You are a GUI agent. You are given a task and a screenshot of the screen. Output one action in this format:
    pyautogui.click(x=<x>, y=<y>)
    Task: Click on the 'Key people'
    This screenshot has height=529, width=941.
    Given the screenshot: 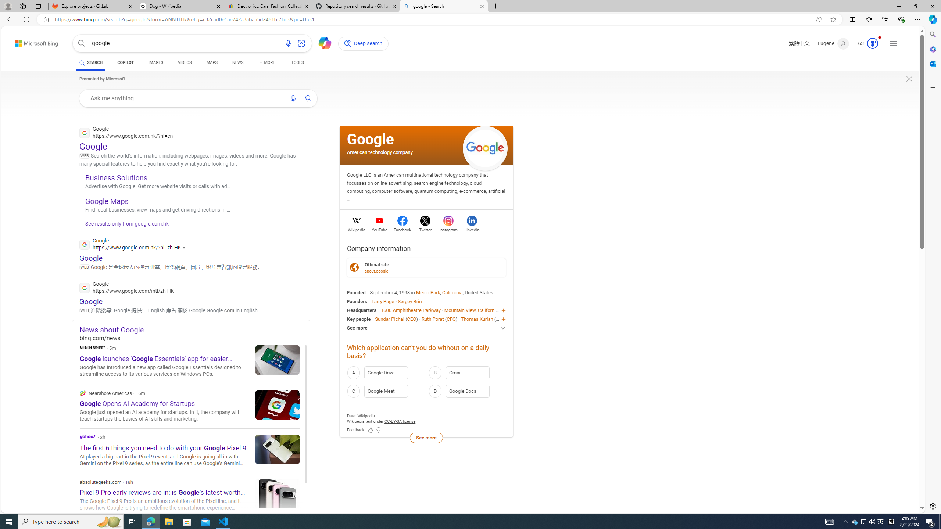 What is the action you would take?
    pyautogui.click(x=358, y=318)
    